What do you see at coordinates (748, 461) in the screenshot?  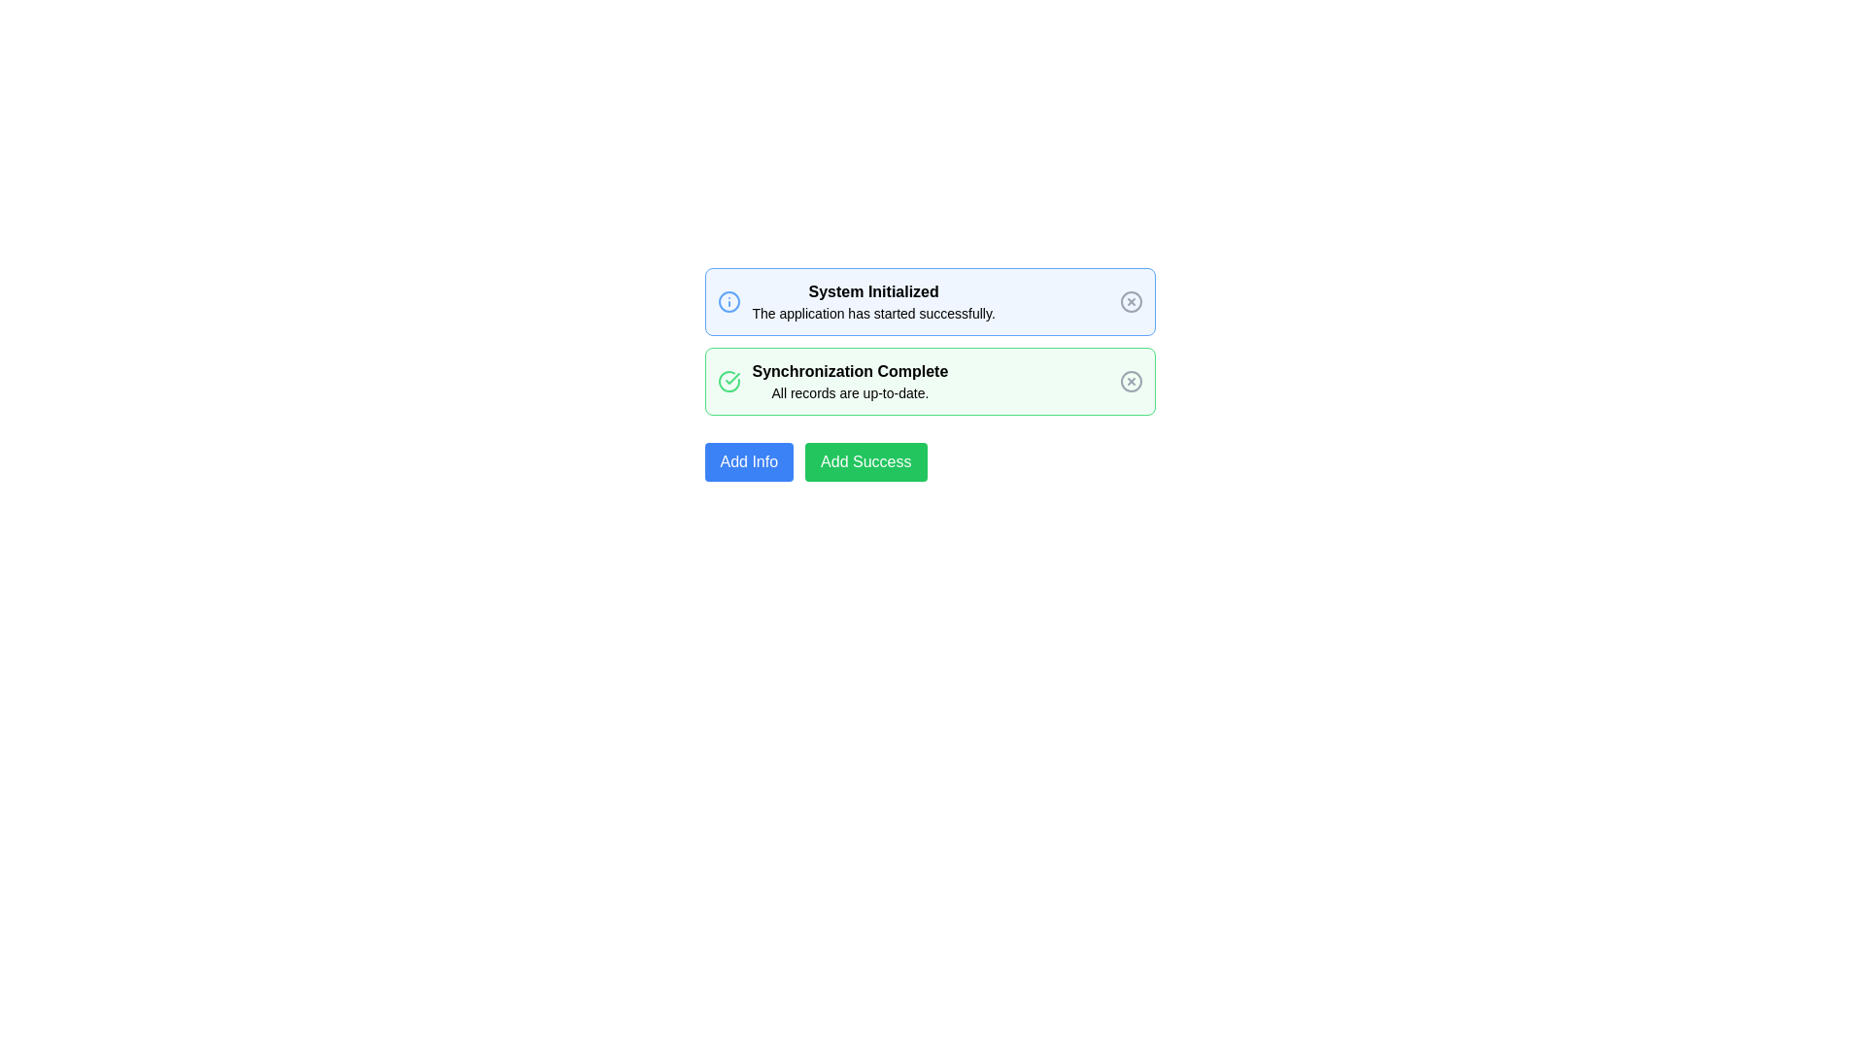 I see `the leftmost button located underneath two notification sections` at bounding box center [748, 461].